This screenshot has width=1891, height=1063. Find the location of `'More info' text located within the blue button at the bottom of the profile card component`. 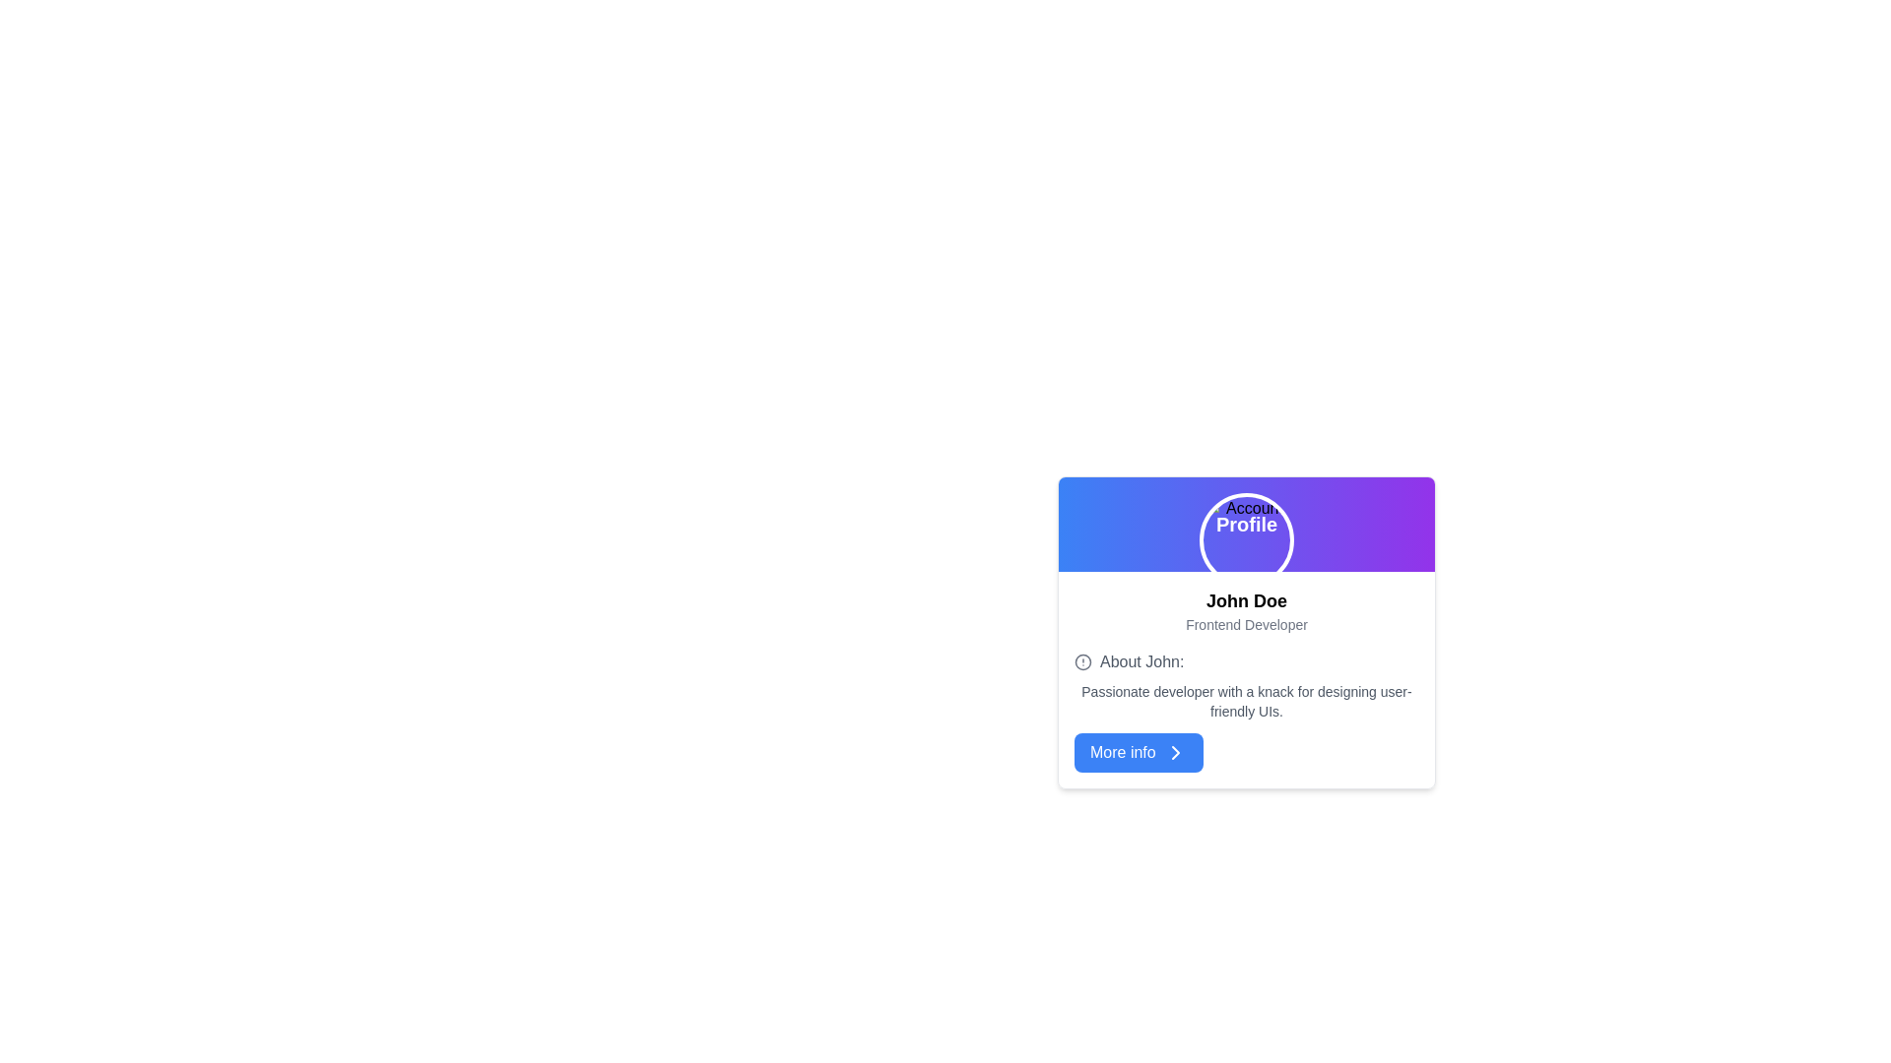

'More info' text located within the blue button at the bottom of the profile card component is located at coordinates (1123, 752).